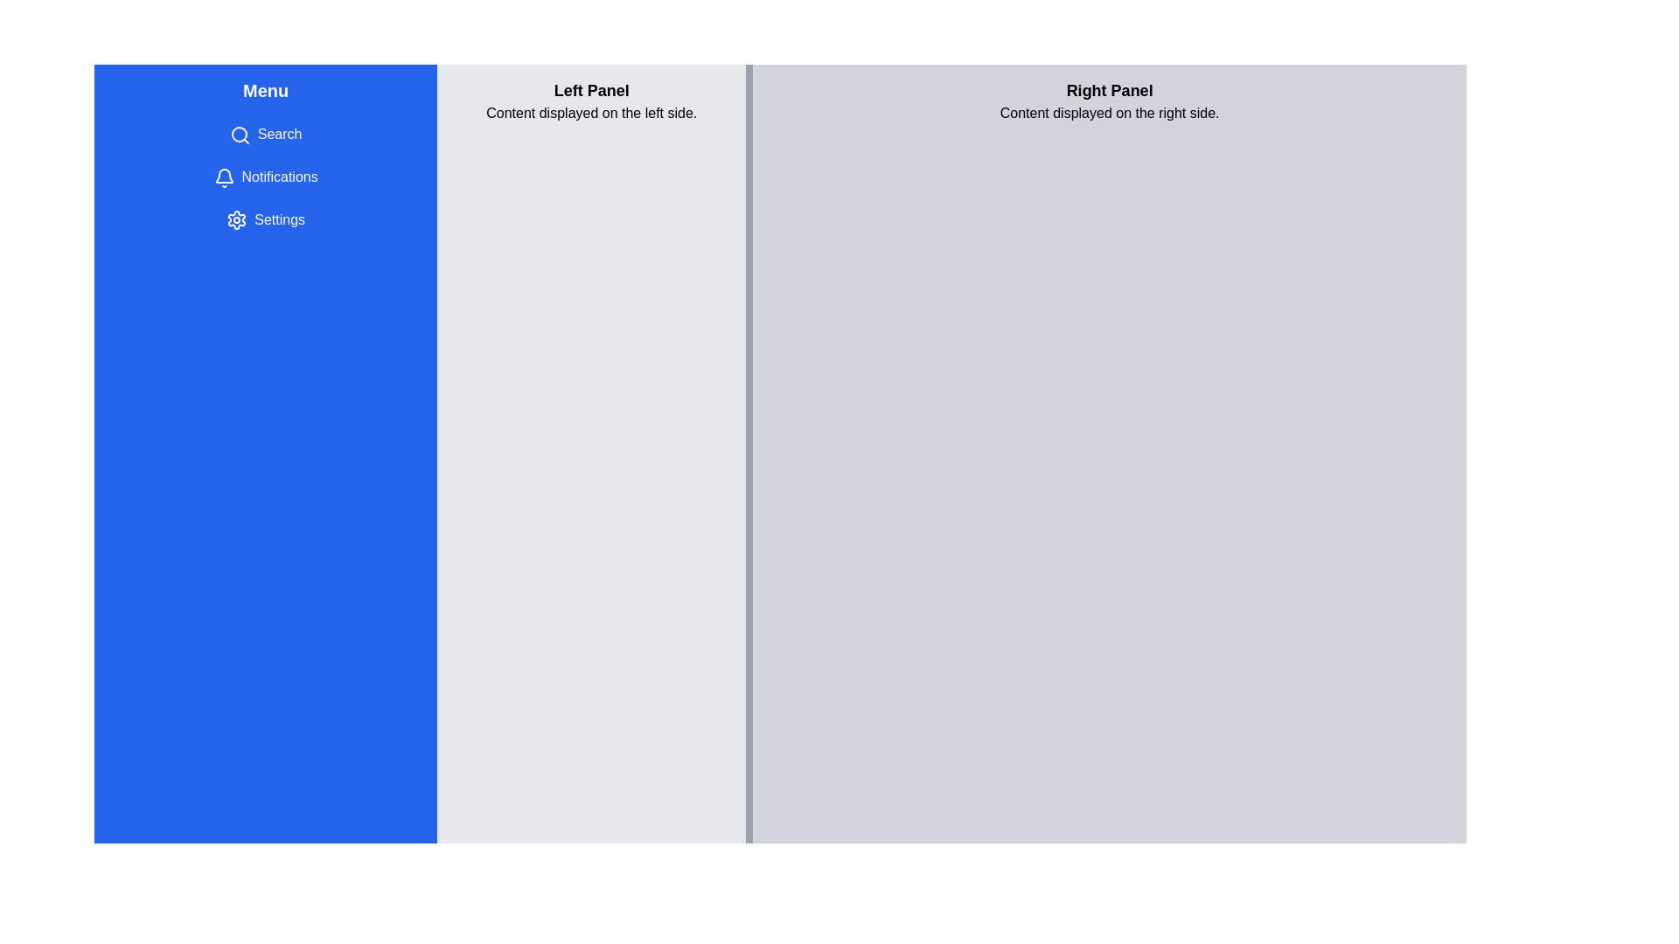 The image size is (1679, 944). What do you see at coordinates (238, 133) in the screenshot?
I see `the decorative circle within the magnifier icon in the left-side blue menu panel of the 'Search' menu option` at bounding box center [238, 133].